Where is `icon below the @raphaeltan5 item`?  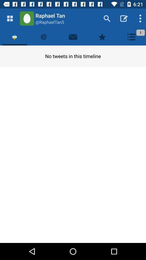 icon below the @raphaeltan5 item is located at coordinates (73, 37).